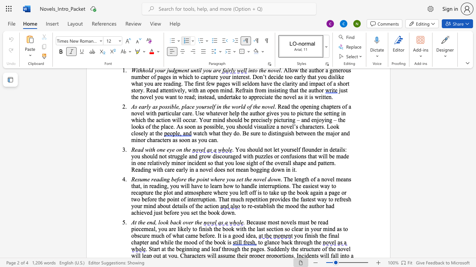 The width and height of the screenshot is (476, 267). What do you see at coordinates (258, 179) in the screenshot?
I see `the 4th character "o" in the text` at bounding box center [258, 179].